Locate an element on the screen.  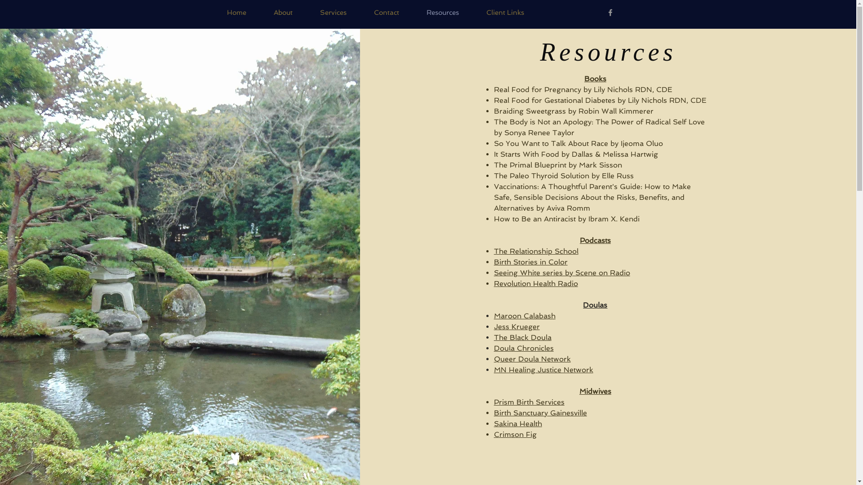
'Seeing White series by Scene on Radio' is located at coordinates (561, 272).